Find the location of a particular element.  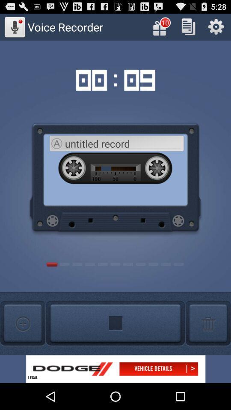

shows dodge option is located at coordinates (115, 369).